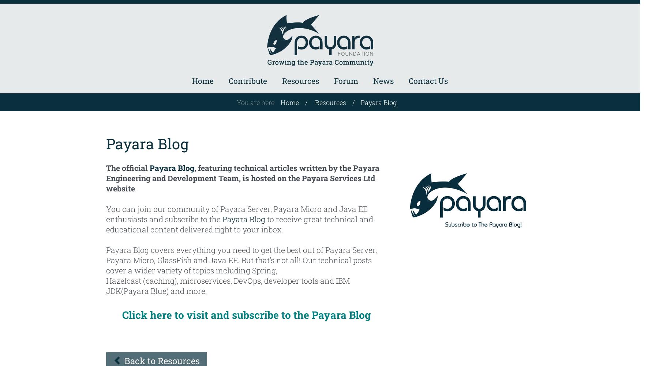 This screenshot has height=366, width=648. I want to click on 'News', so click(383, 81).